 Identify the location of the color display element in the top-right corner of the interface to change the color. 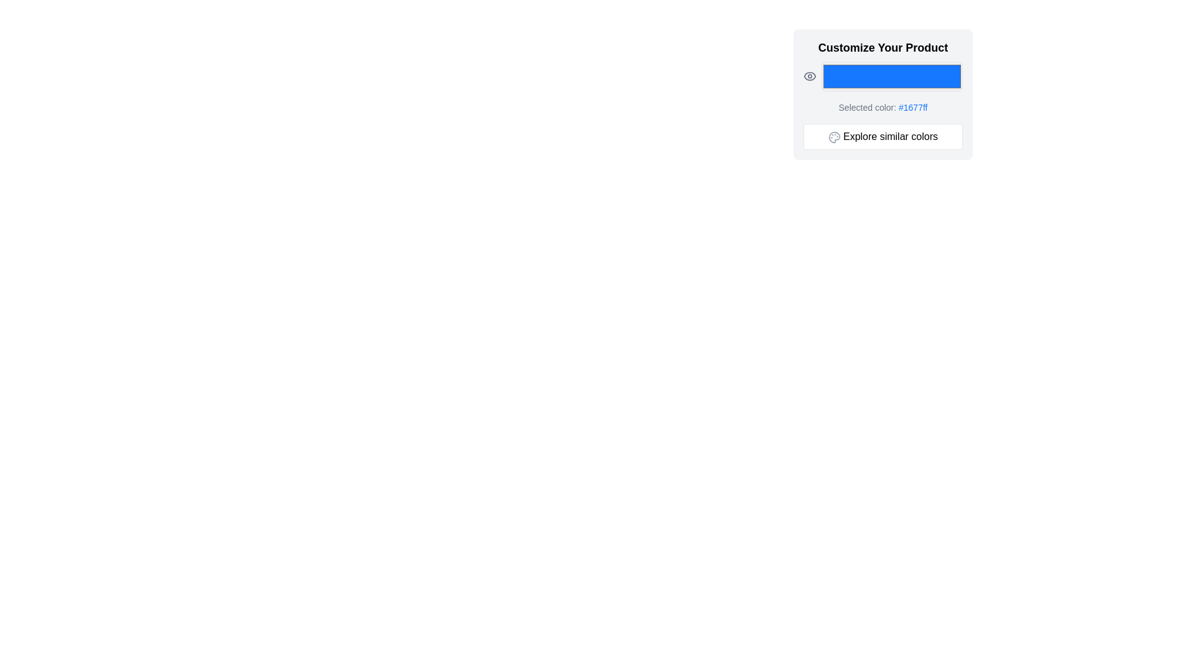
(883, 93).